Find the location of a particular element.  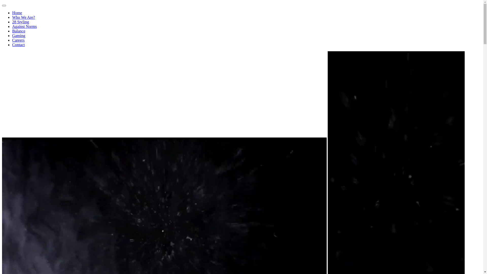

'Contact' is located at coordinates (18, 44).